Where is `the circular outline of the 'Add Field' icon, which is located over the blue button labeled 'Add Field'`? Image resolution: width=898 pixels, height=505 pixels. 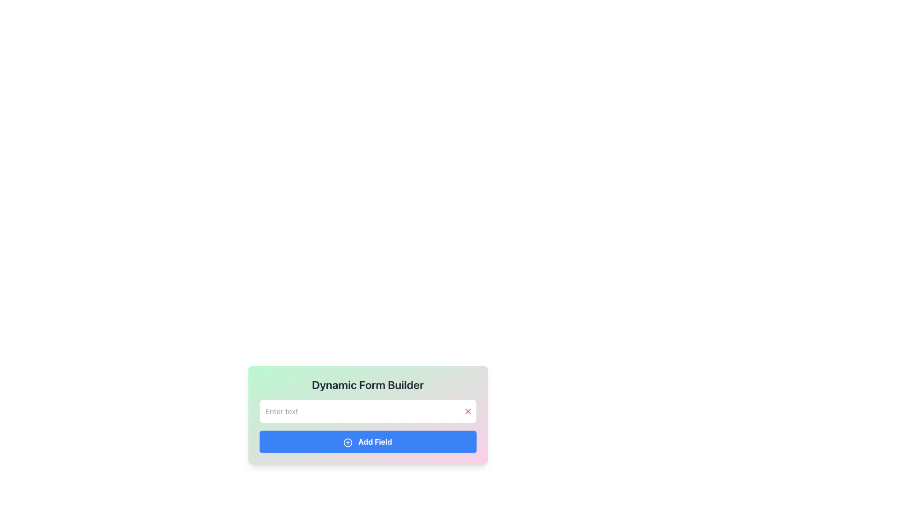 the circular outline of the 'Add Field' icon, which is located over the blue button labeled 'Add Field' is located at coordinates (348, 442).